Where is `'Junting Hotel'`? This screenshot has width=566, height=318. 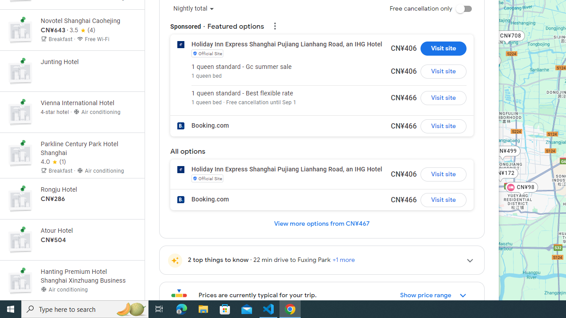
'Junting Hotel' is located at coordinates (72, 71).